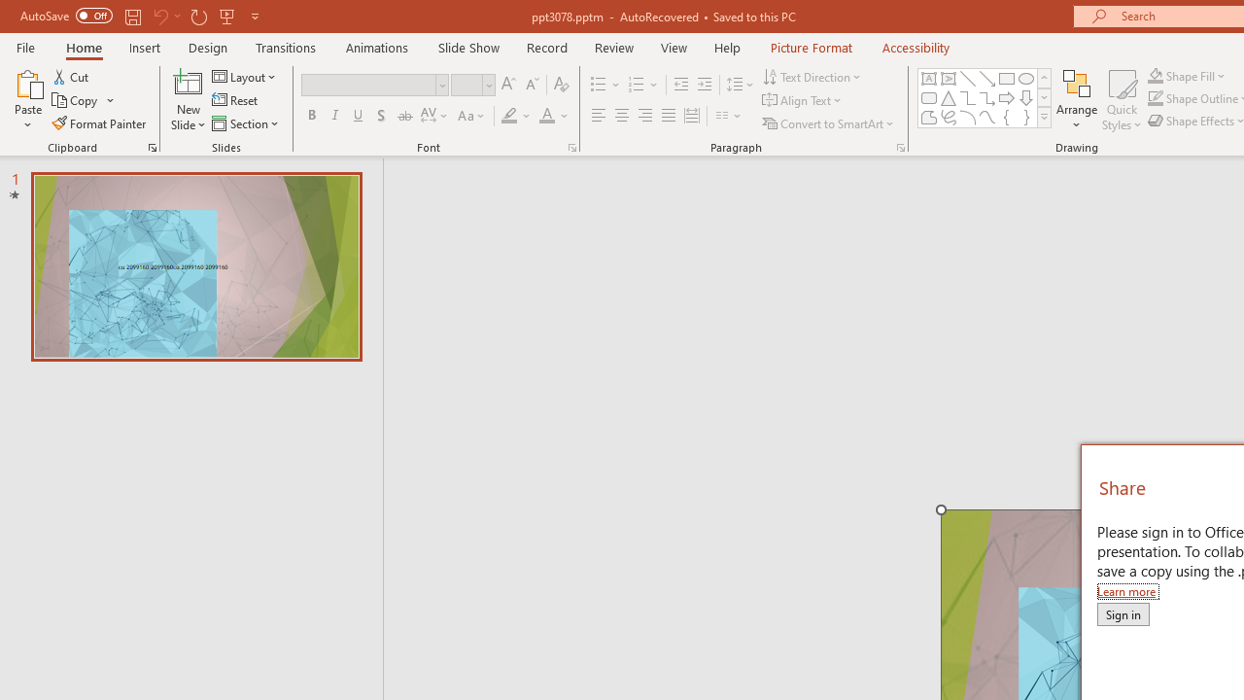 Image resolution: width=1244 pixels, height=700 pixels. I want to click on 'Shadow', so click(381, 116).